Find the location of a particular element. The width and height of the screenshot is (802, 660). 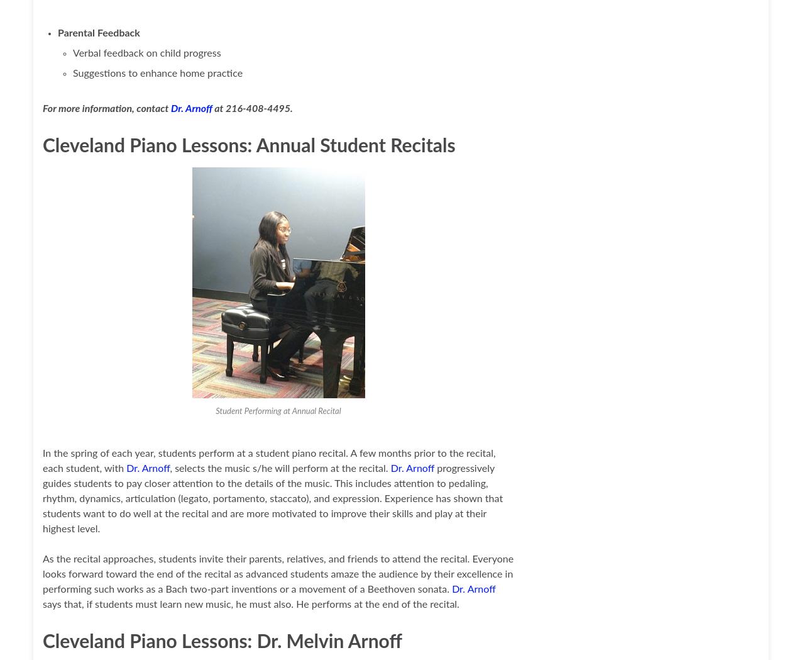

'says that, if students must learn new music, he must also.  He performs at the end of the recital.' is located at coordinates (250, 604).